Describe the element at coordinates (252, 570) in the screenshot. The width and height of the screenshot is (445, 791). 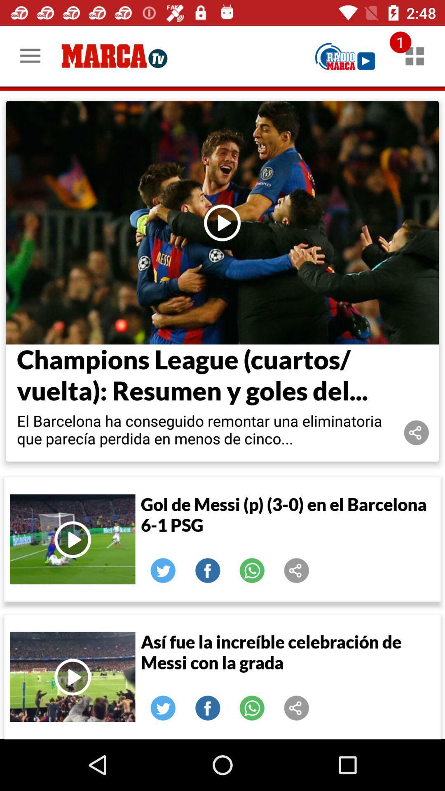
I see `share on whatsapp` at that location.